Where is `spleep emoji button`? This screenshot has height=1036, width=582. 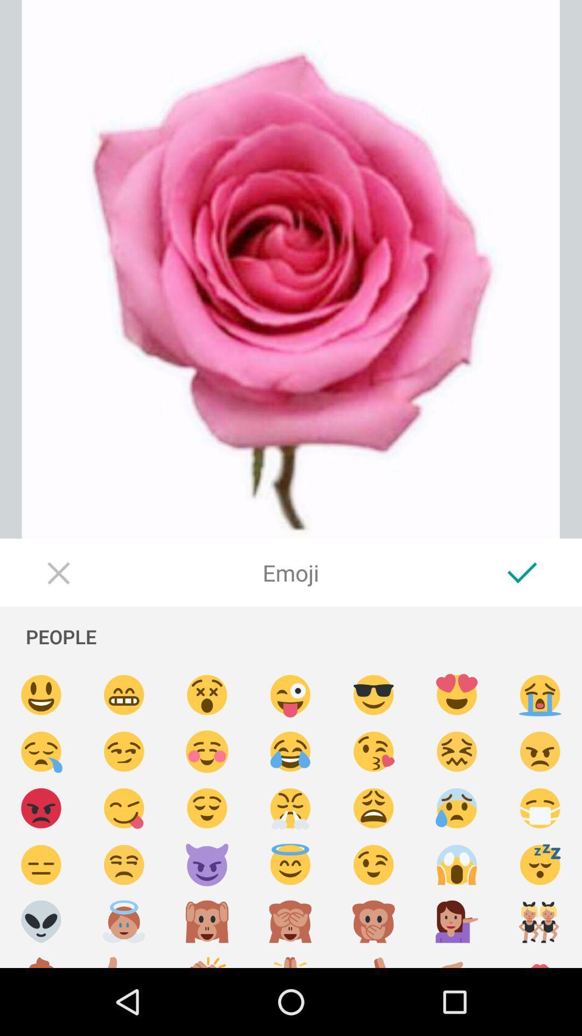 spleep emoji button is located at coordinates (540, 865).